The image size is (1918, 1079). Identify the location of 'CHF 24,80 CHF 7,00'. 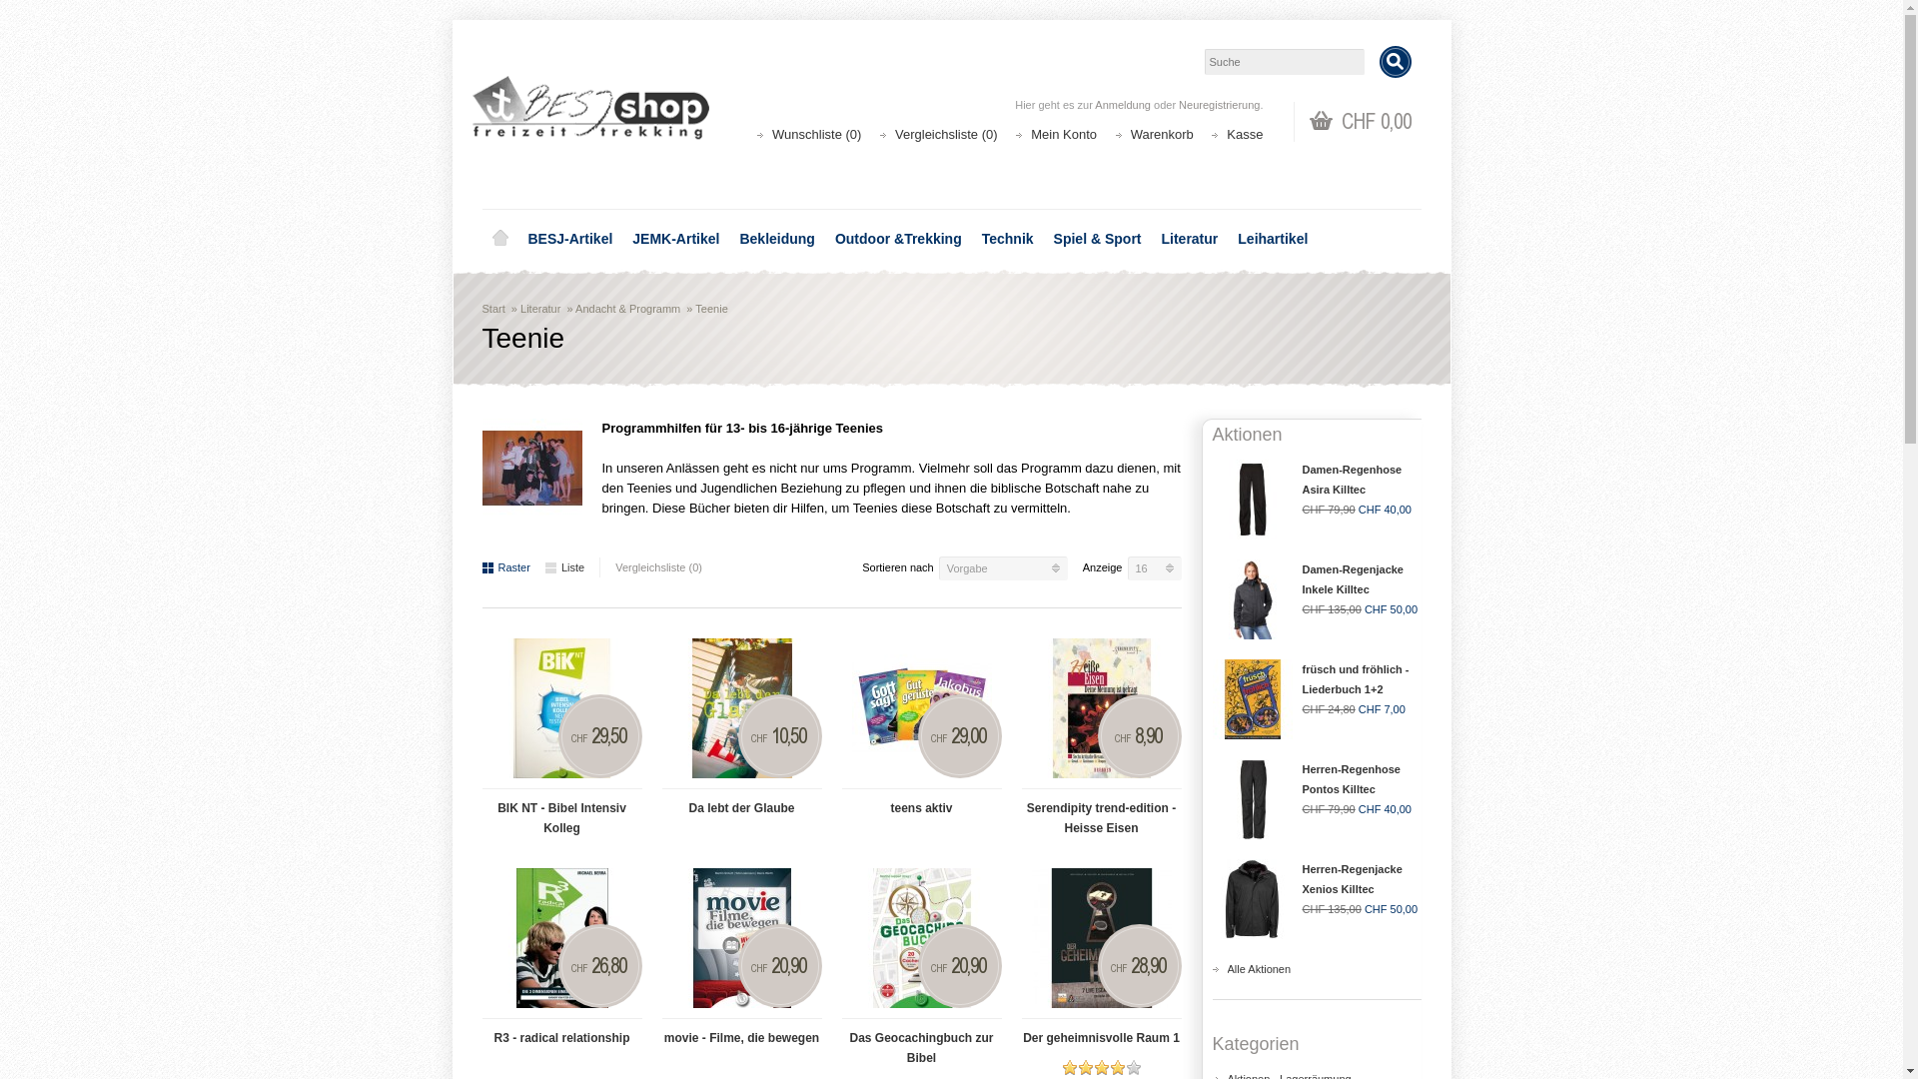
(1303, 707).